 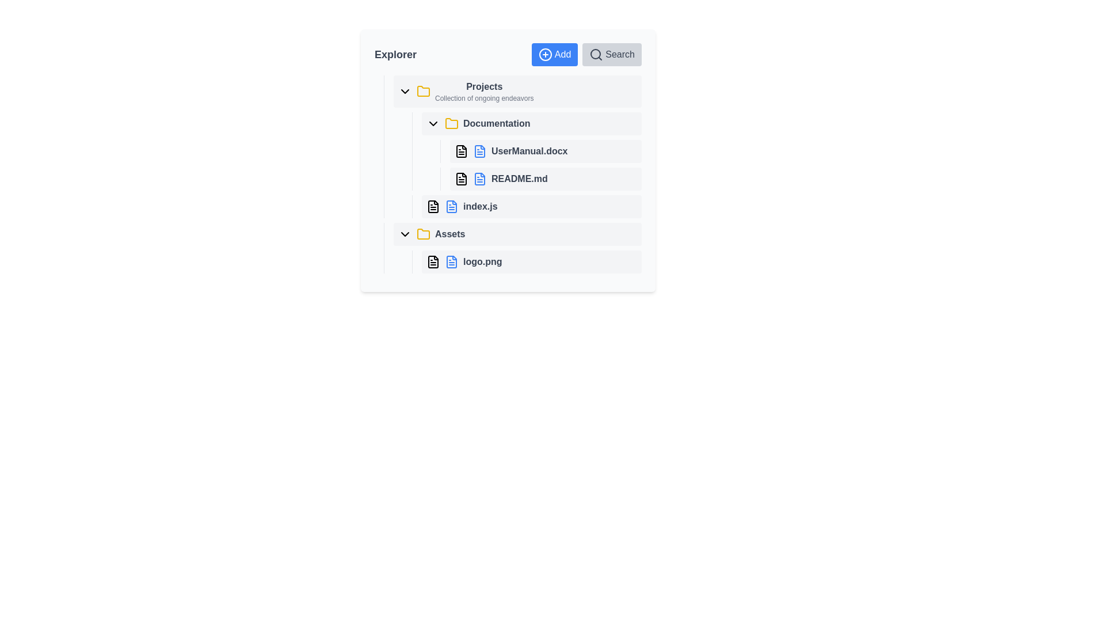 I want to click on the Chevron Icon located on the left side of the 'Assets' section, so click(x=405, y=234).